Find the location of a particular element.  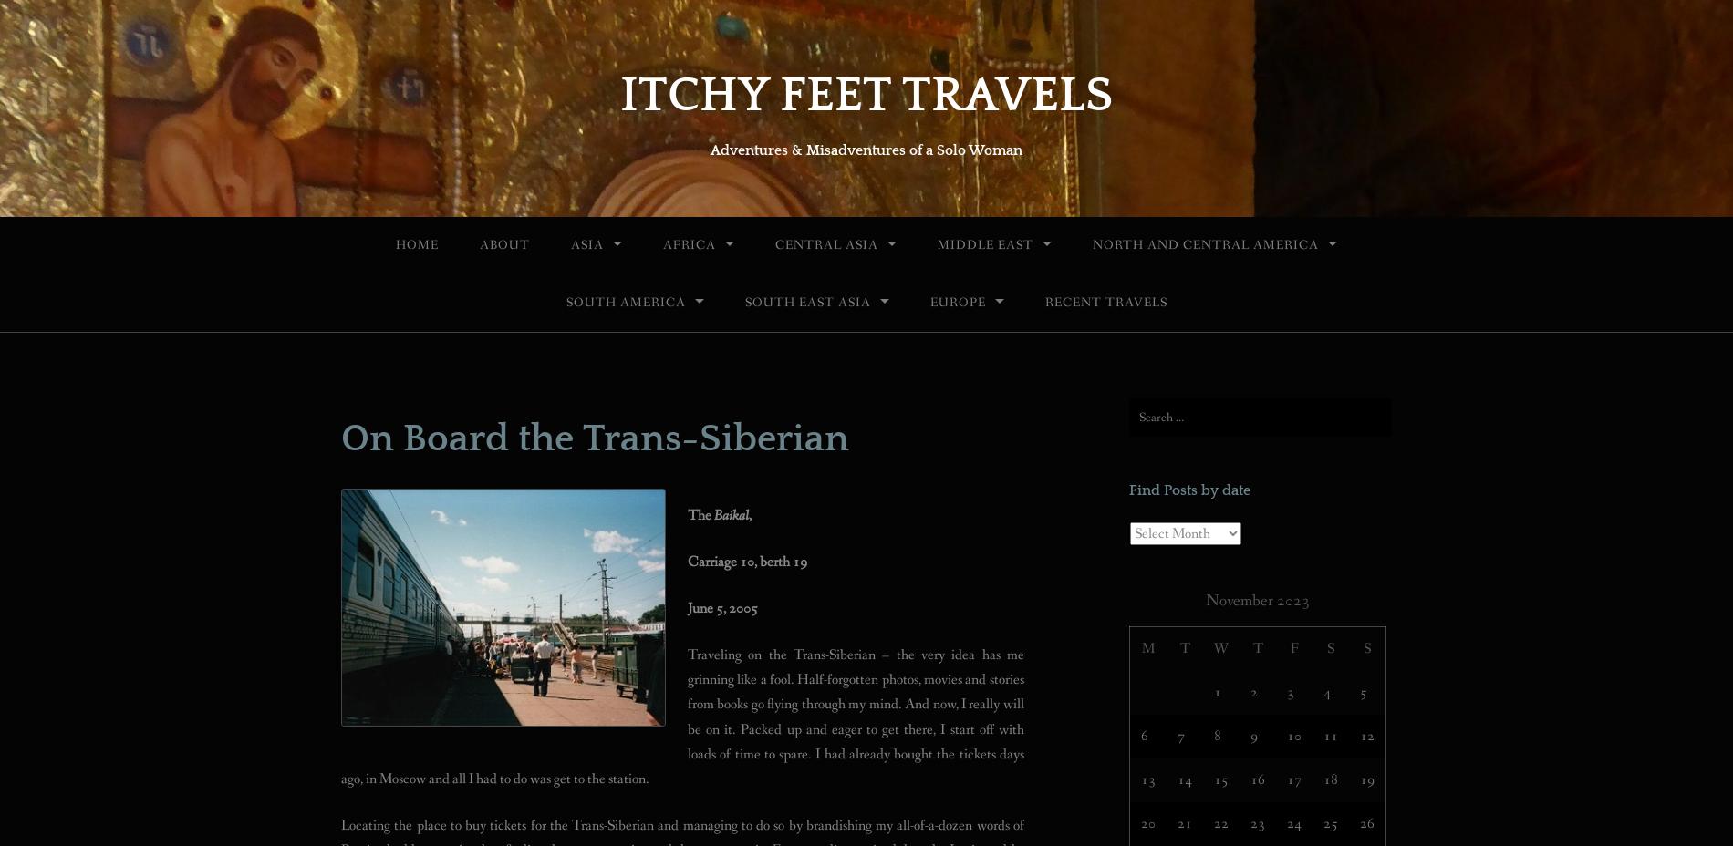

'9' is located at coordinates (1253, 734).